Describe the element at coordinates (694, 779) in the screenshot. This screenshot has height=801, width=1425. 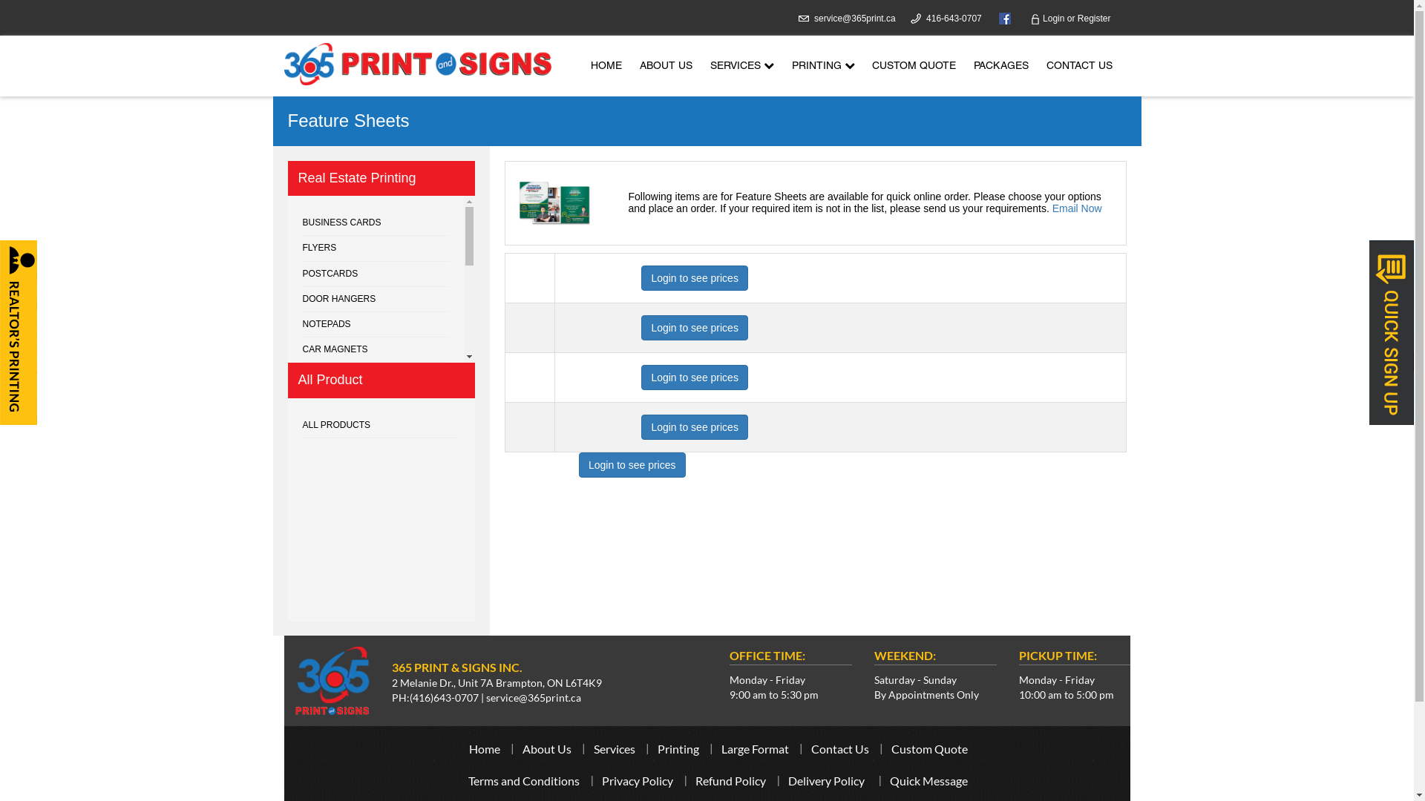
I see `'Refund Policy'` at that location.